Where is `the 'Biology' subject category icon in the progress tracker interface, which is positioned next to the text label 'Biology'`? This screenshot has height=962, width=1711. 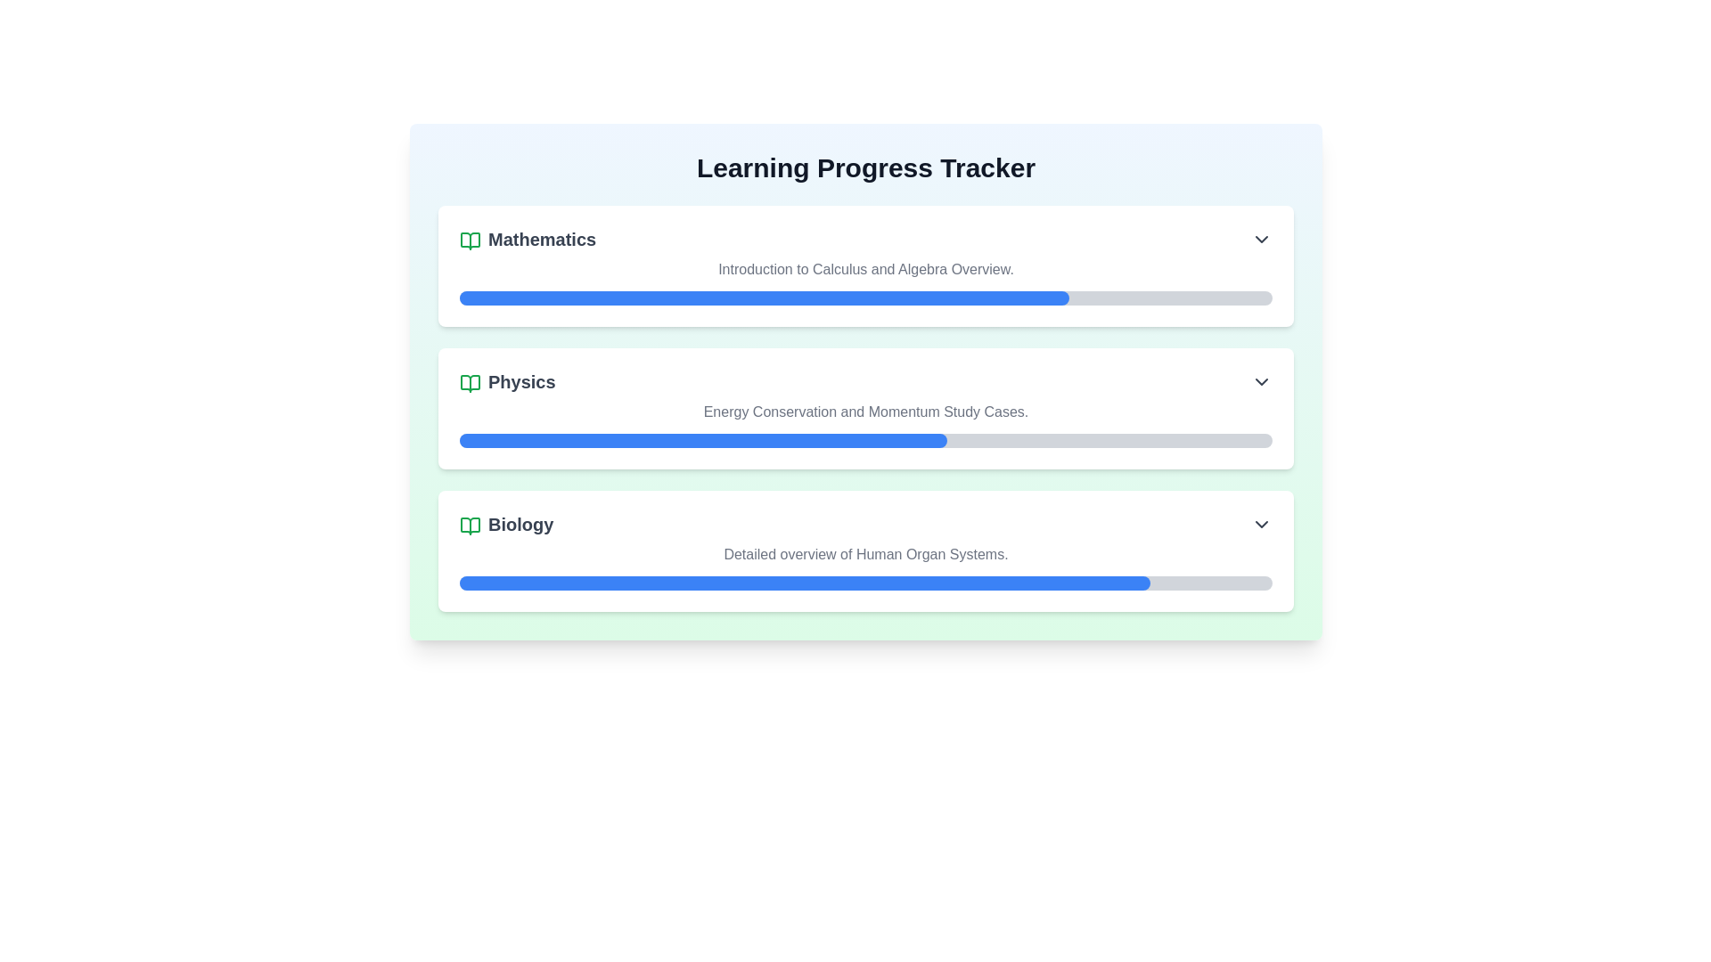
the 'Biology' subject category icon in the progress tracker interface, which is positioned next to the text label 'Biology' is located at coordinates (471, 525).